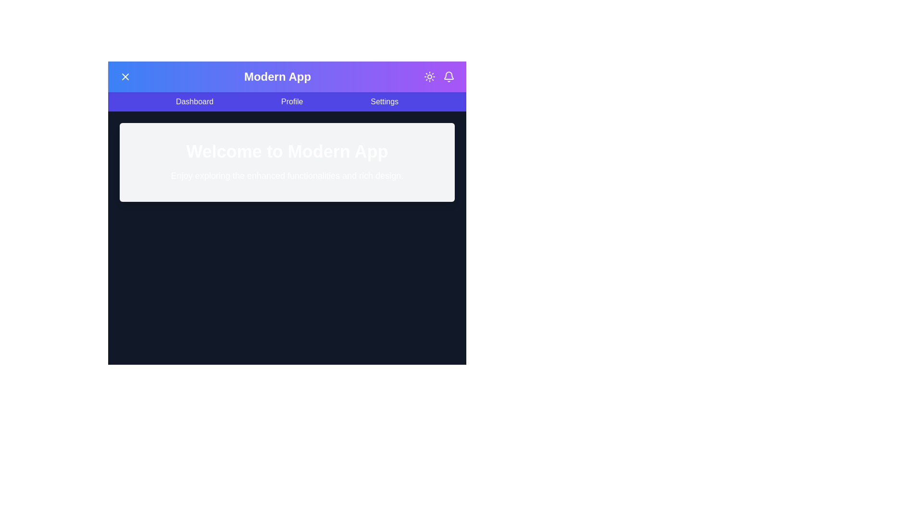 This screenshot has height=519, width=923. What do you see at coordinates (429, 76) in the screenshot?
I see `the theme toggle button to switch between light and dark modes` at bounding box center [429, 76].